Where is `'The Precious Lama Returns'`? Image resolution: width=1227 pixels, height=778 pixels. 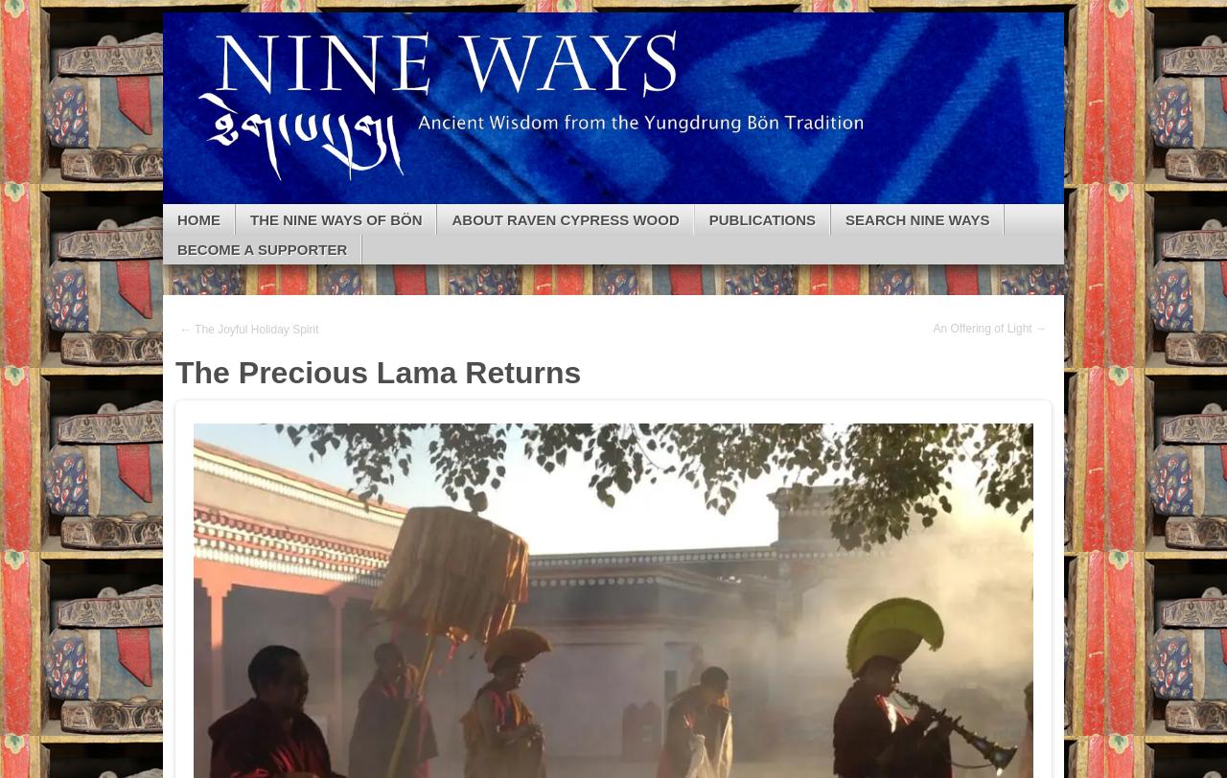 'The Precious Lama Returns' is located at coordinates (378, 373).